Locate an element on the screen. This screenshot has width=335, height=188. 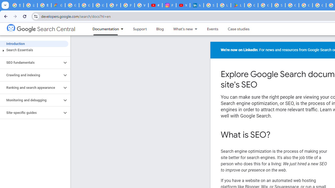
'Google Workspace - Specific Terms' is located at coordinates (265, 5).